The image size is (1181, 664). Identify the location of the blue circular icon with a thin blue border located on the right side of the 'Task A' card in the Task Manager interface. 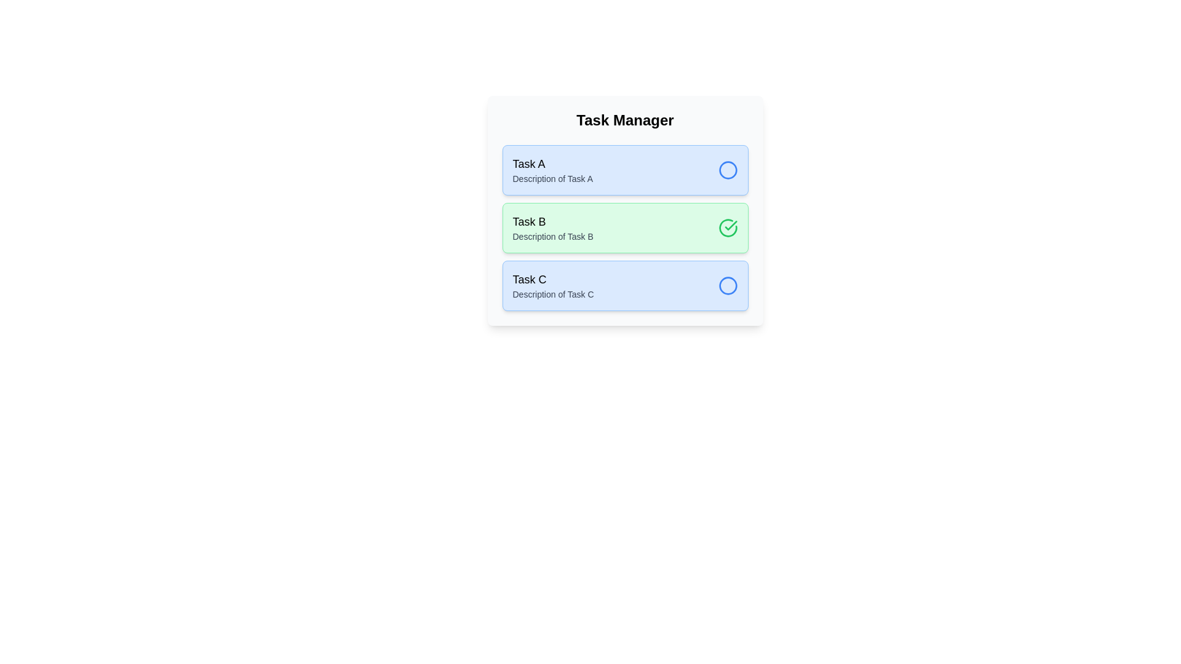
(728, 170).